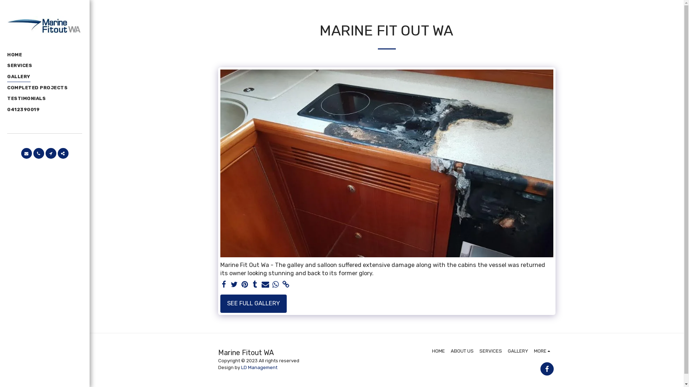  I want to click on 'GALLERY', so click(7, 77).